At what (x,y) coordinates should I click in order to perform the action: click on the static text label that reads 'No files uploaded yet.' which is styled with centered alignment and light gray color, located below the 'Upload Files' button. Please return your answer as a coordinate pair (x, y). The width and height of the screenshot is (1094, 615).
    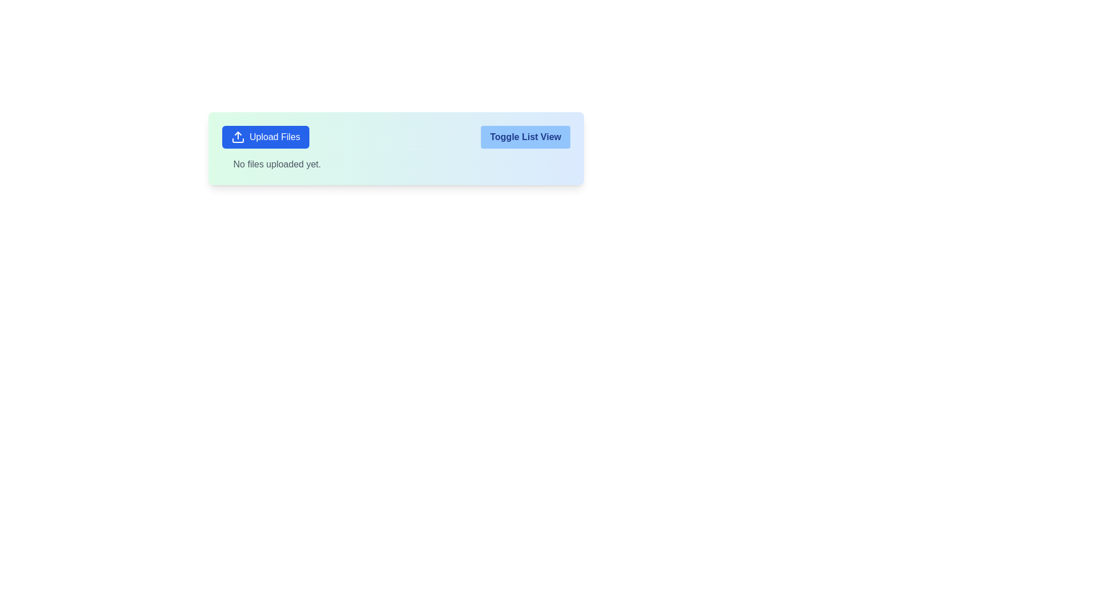
    Looking at the image, I should click on (277, 165).